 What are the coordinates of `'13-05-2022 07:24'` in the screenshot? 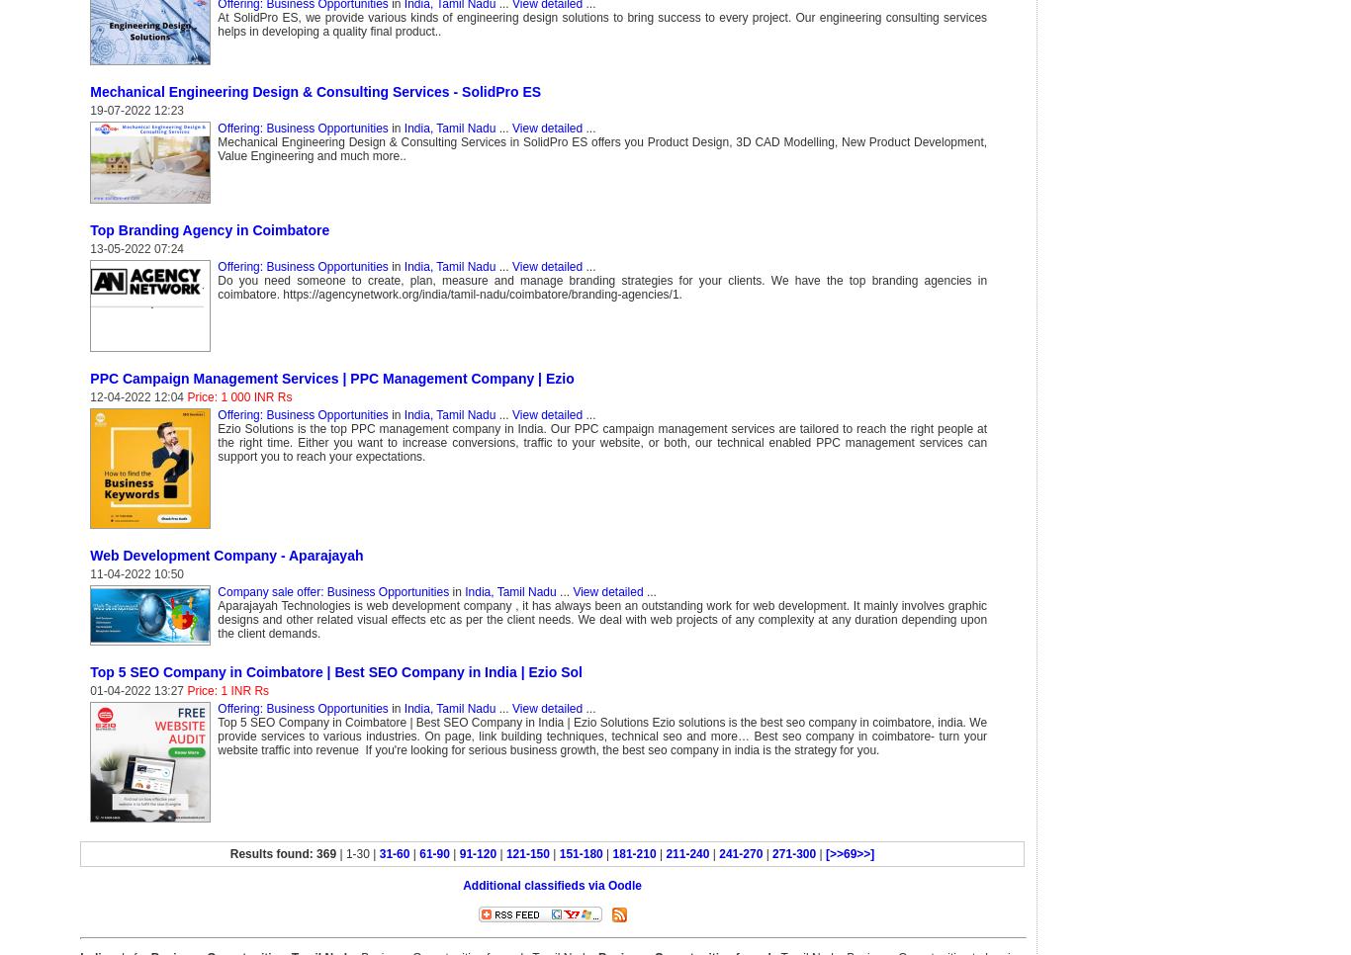 It's located at (135, 249).